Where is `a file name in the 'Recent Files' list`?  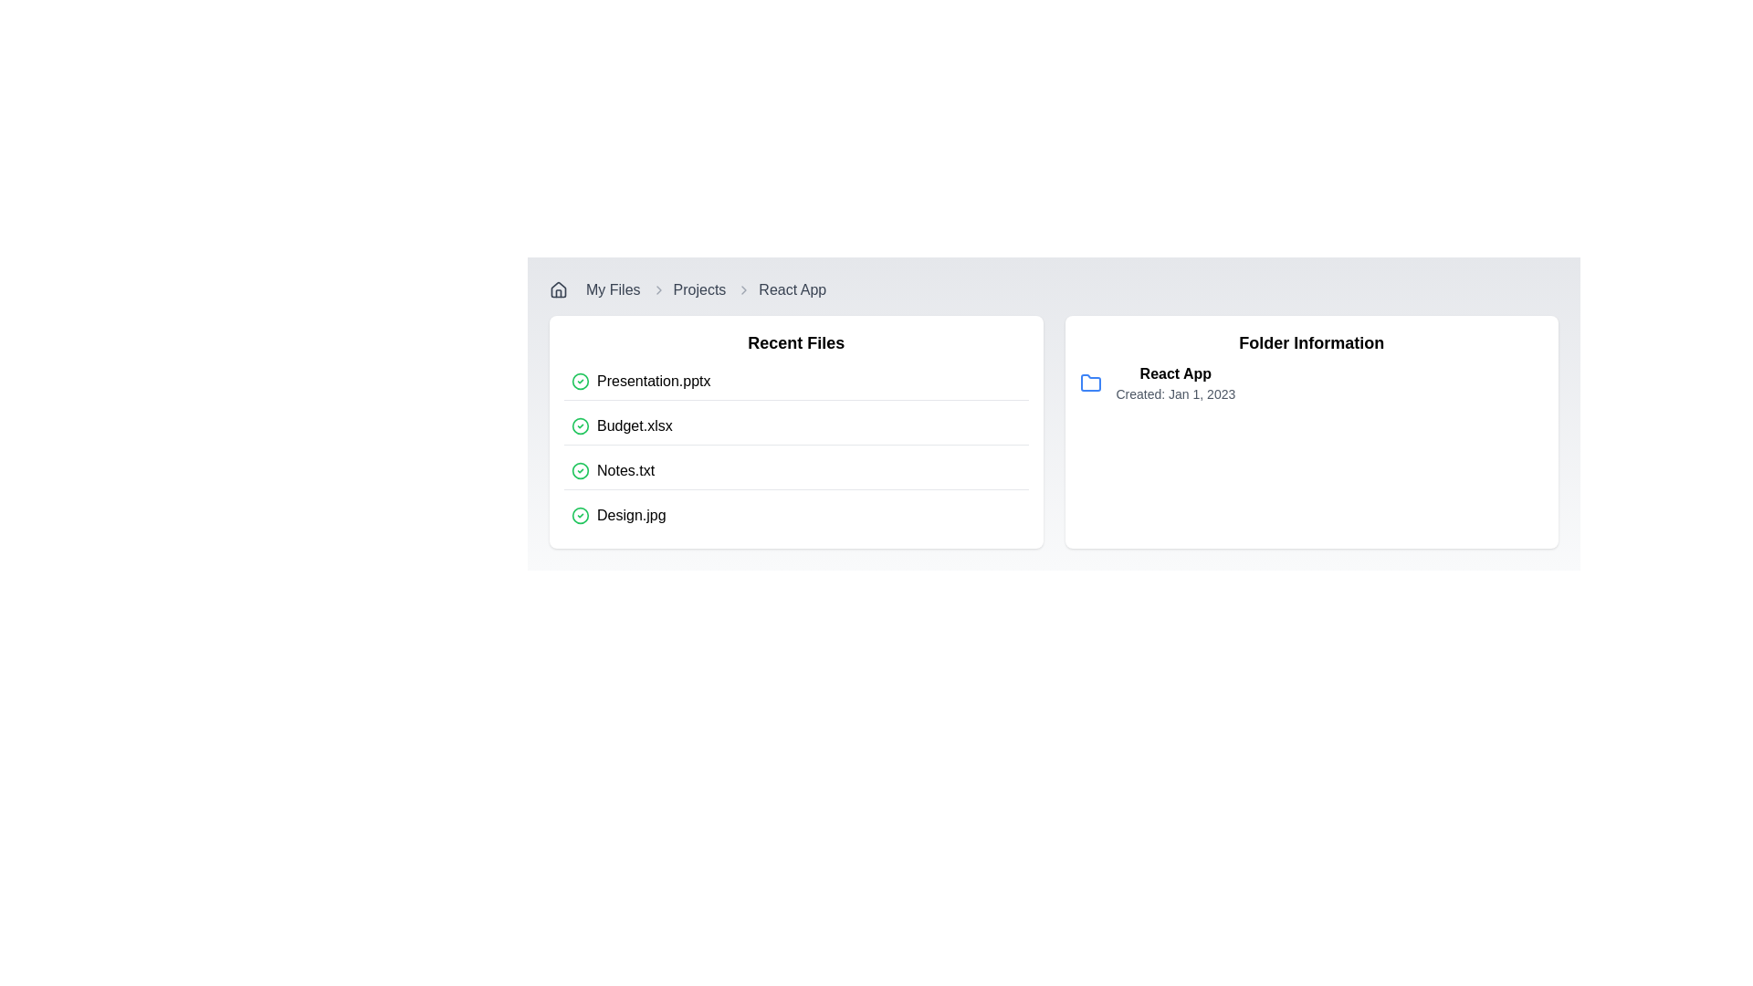 a file name in the 'Recent Files' list is located at coordinates (796, 448).